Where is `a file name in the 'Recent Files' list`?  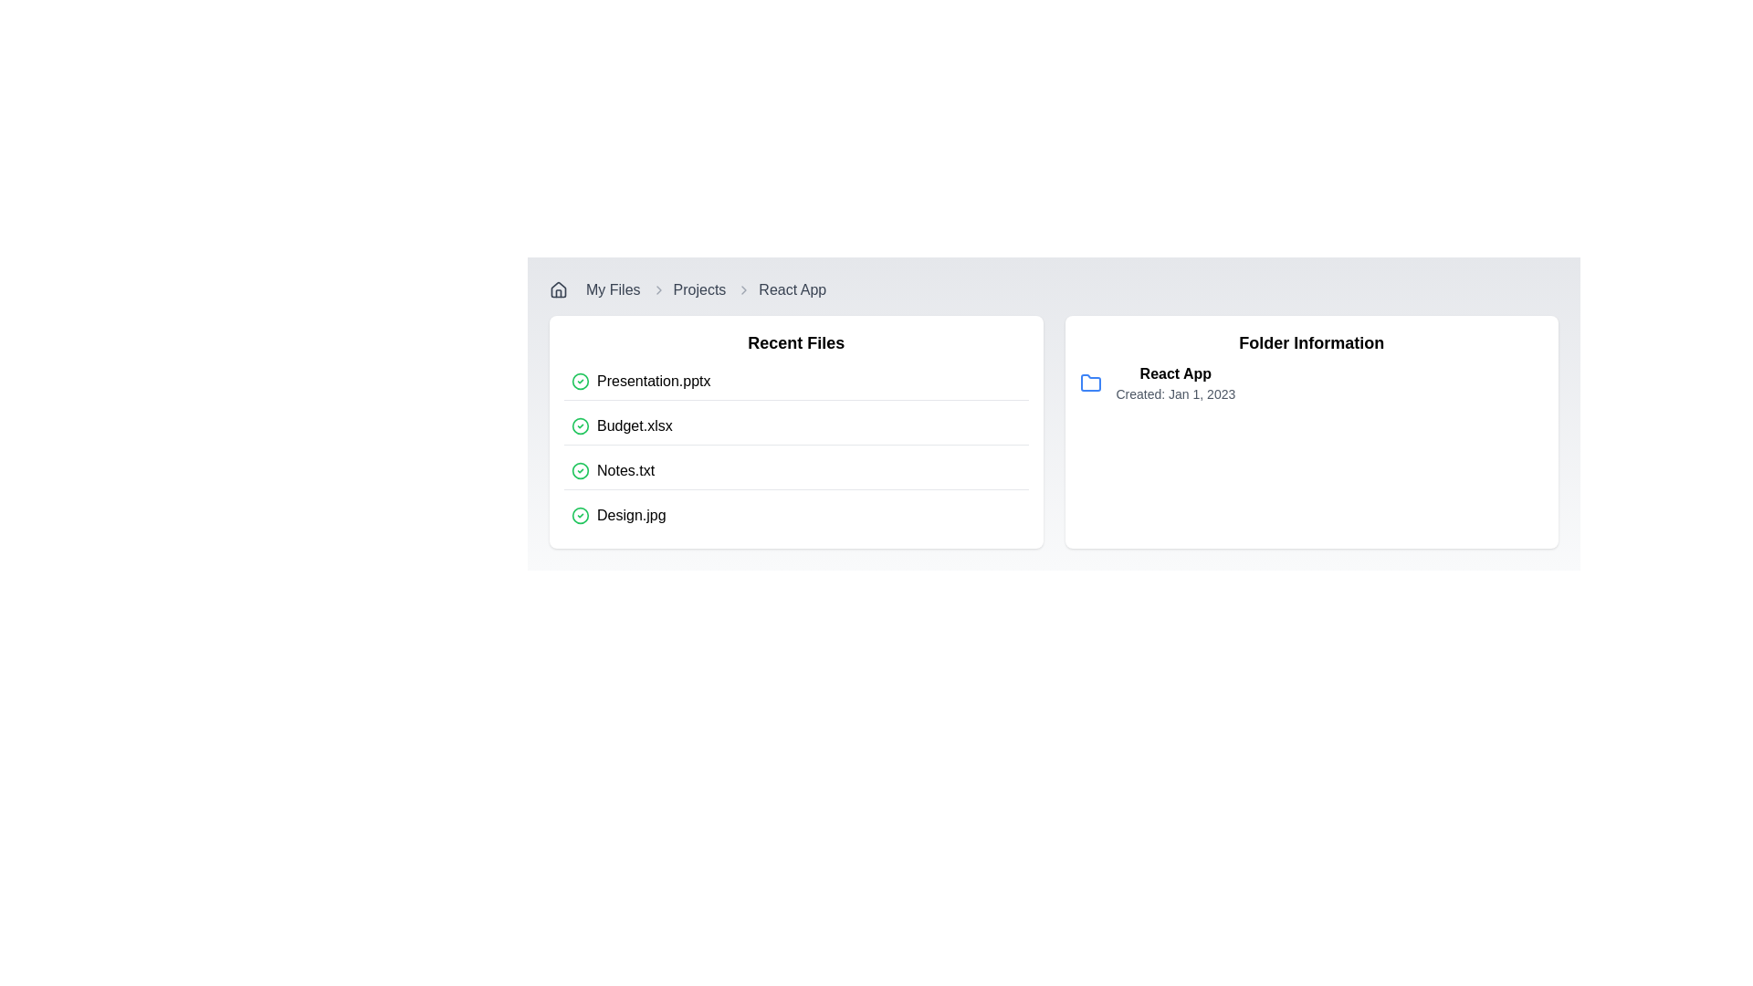 a file name in the 'Recent Files' list is located at coordinates (796, 448).